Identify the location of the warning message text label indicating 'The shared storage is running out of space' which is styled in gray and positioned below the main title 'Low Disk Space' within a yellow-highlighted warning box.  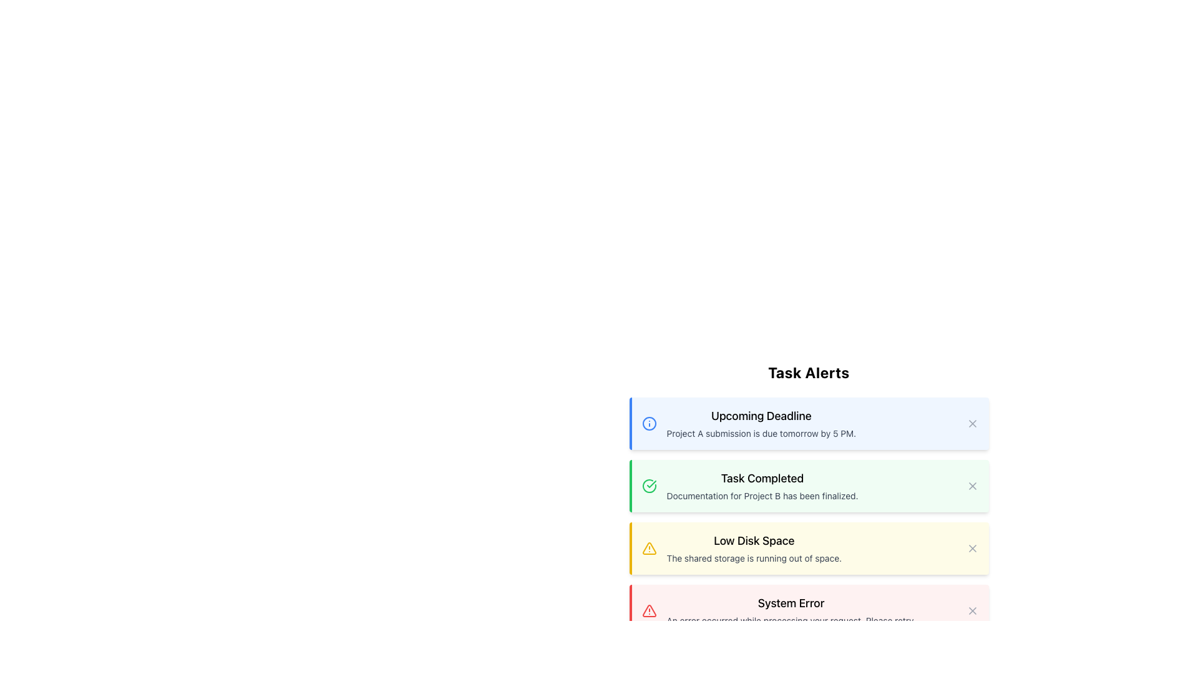
(753, 557).